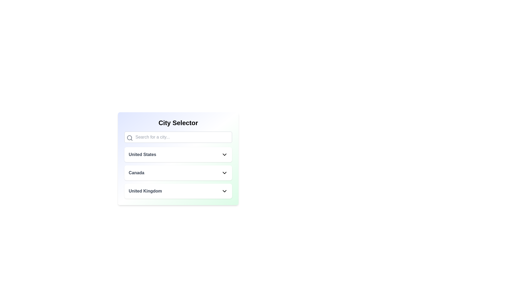 This screenshot has width=517, height=290. What do you see at coordinates (178, 173) in the screenshot?
I see `the second option in the country selection list, which is positioned between 'United States' and 'United Kingdom'` at bounding box center [178, 173].